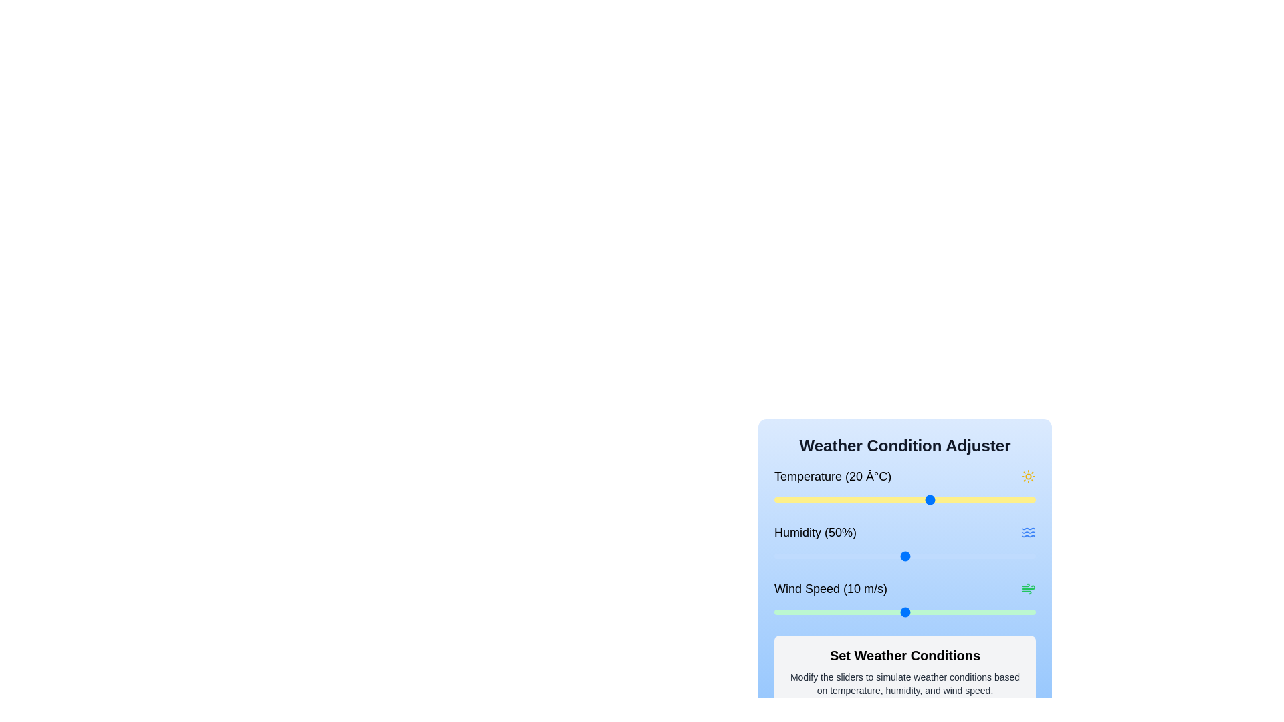  I want to click on the wind speed slider to set the wind speed to 14 m/s, so click(956, 612).